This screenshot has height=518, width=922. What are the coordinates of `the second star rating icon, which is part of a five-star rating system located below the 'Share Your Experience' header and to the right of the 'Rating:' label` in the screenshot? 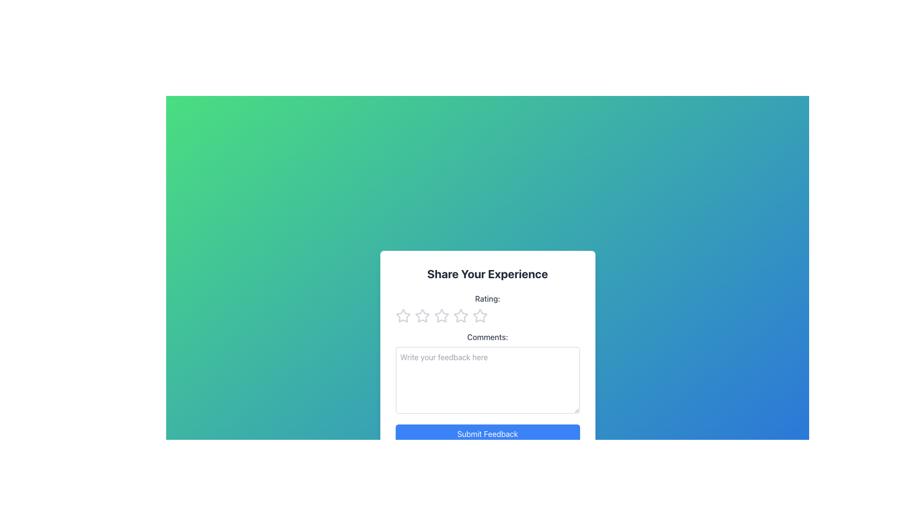 It's located at (441, 316).